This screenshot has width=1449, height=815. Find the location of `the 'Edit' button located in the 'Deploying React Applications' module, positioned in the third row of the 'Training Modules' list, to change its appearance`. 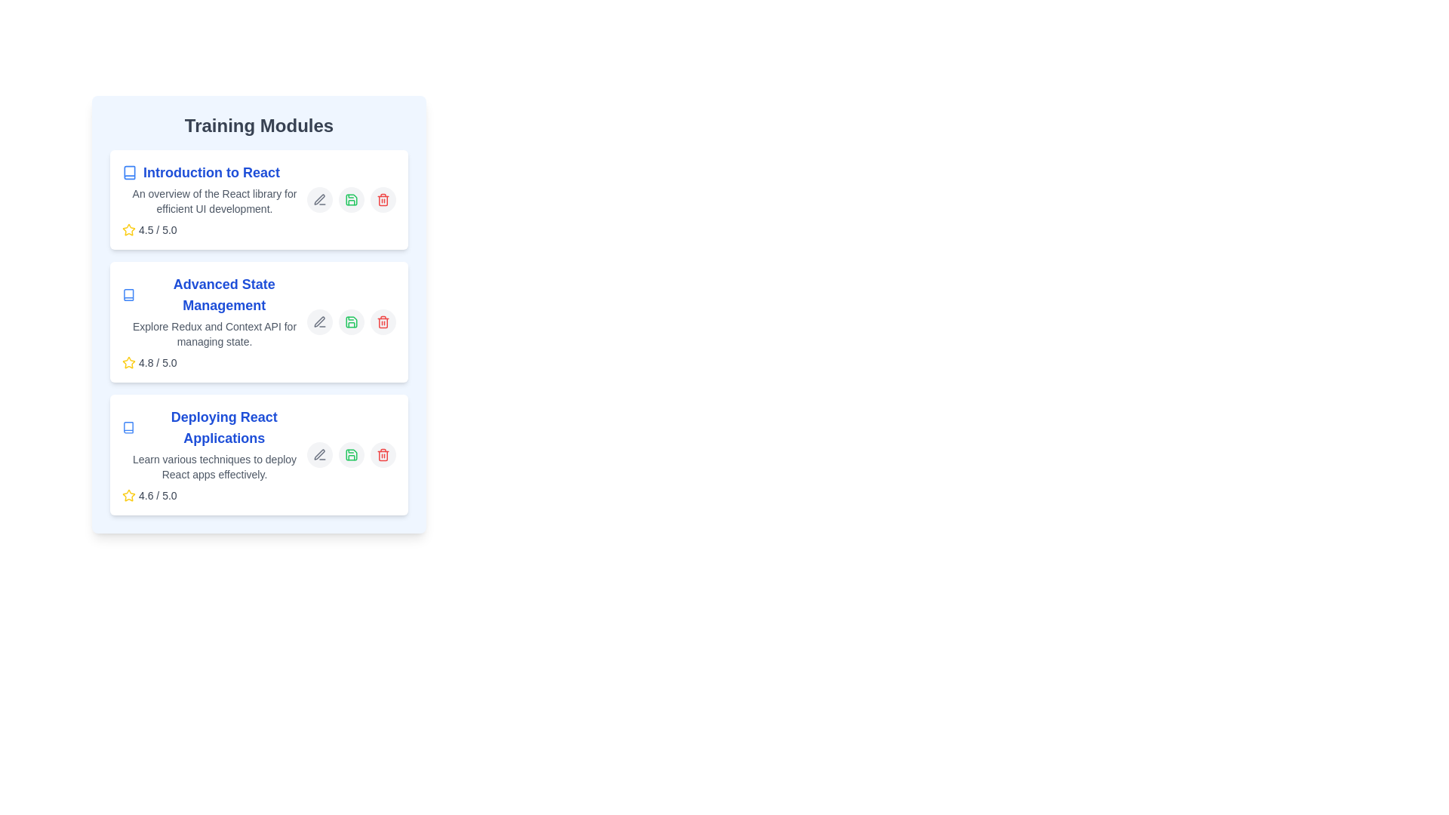

the 'Edit' button located in the 'Deploying React Applications' module, positioned in the third row of the 'Training Modules' list, to change its appearance is located at coordinates (318, 454).